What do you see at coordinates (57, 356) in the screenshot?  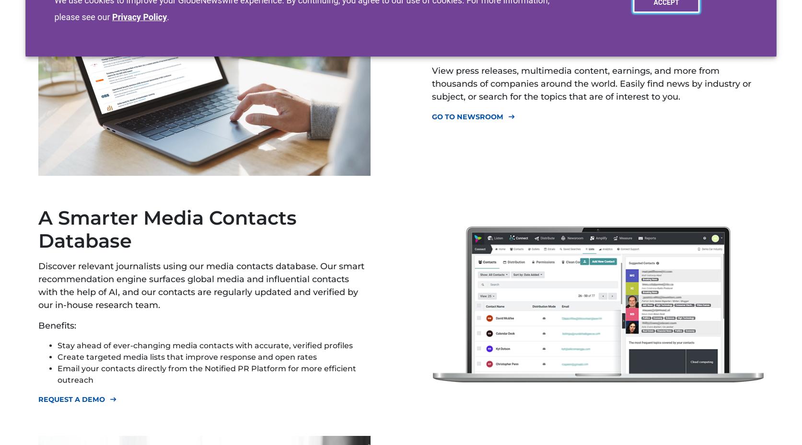 I see `'Create targeted media lists that improve response and open rates'` at bounding box center [57, 356].